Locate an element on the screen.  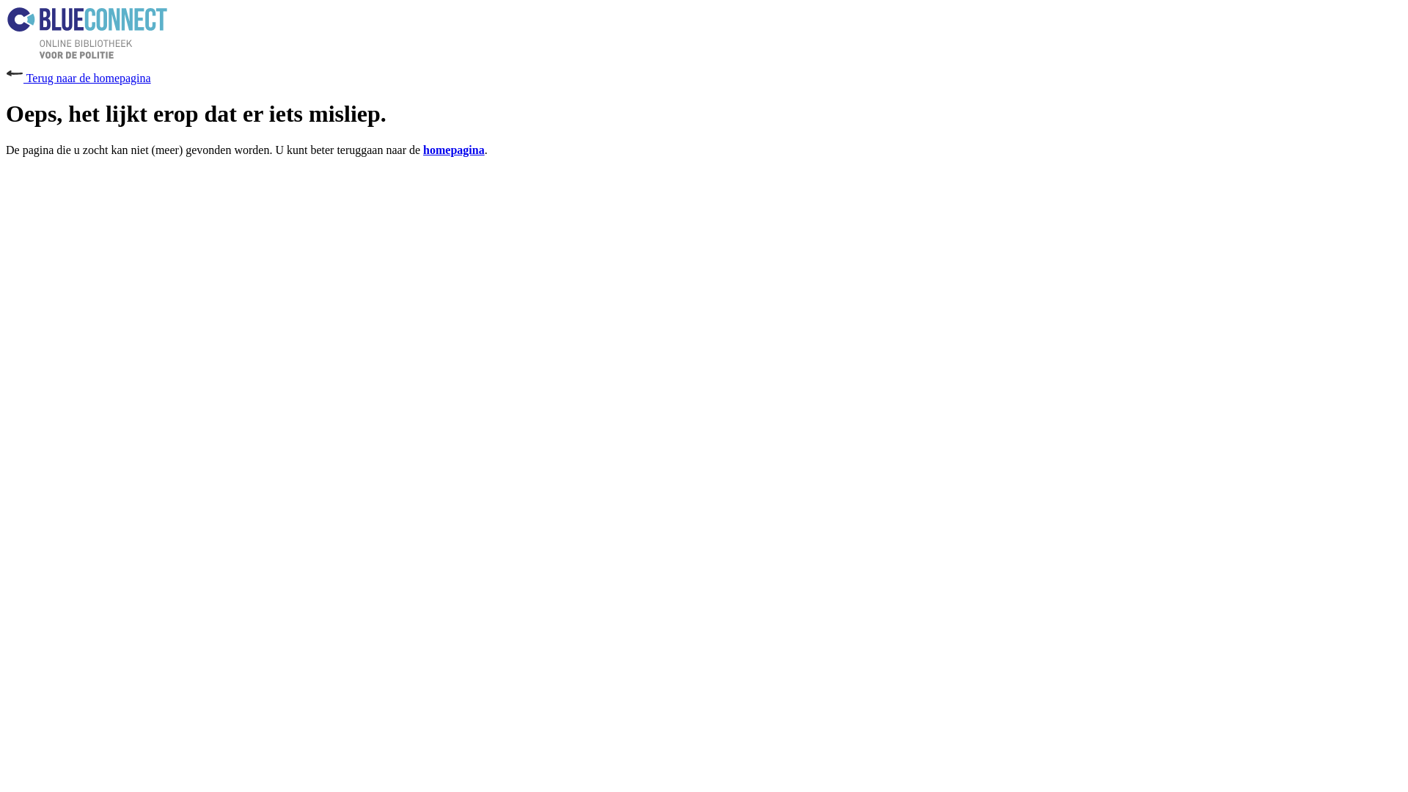
'homepagina' is located at coordinates (453, 150).